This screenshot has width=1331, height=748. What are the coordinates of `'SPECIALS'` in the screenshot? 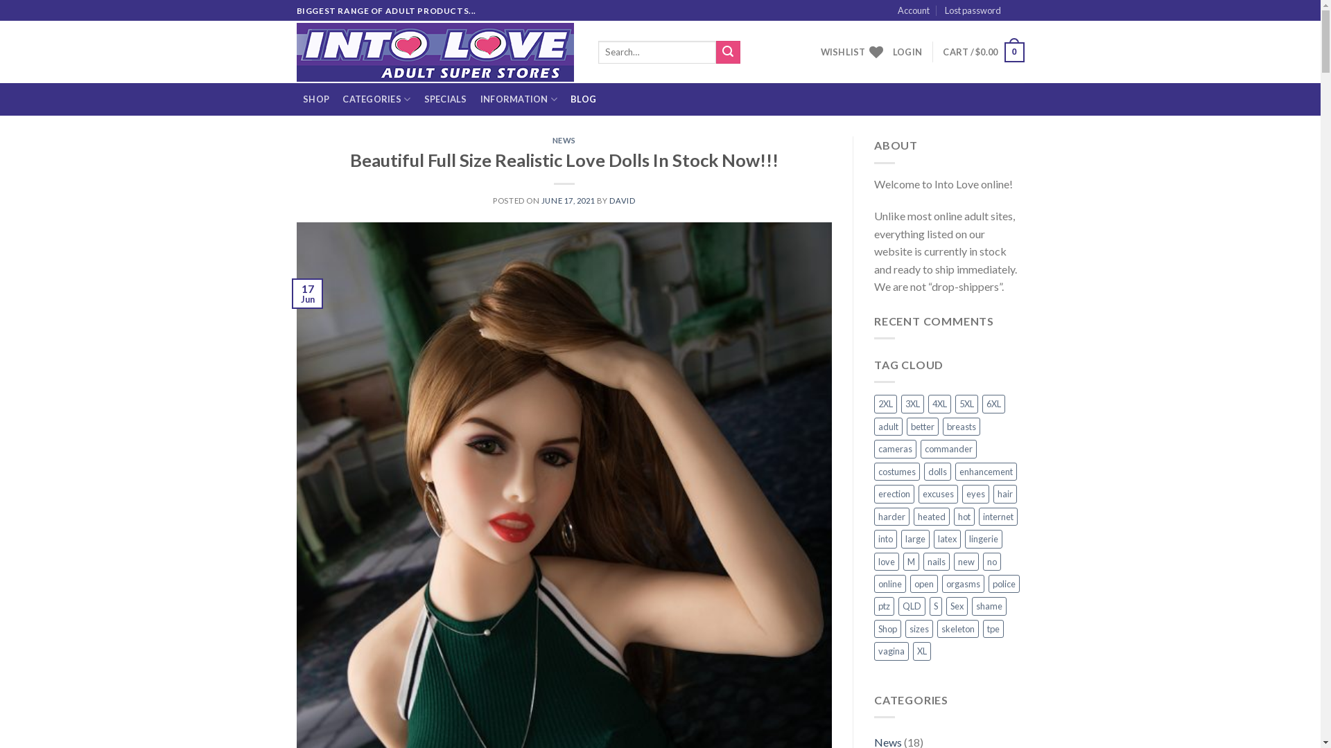 It's located at (445, 98).